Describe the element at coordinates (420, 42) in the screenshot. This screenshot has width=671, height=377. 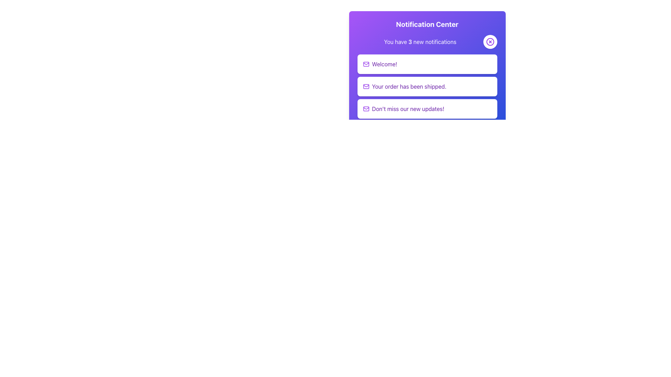
I see `the static Plain text element that displays the current count of new notifications, located below the title 'Notification Center' and aligned to the left` at that location.